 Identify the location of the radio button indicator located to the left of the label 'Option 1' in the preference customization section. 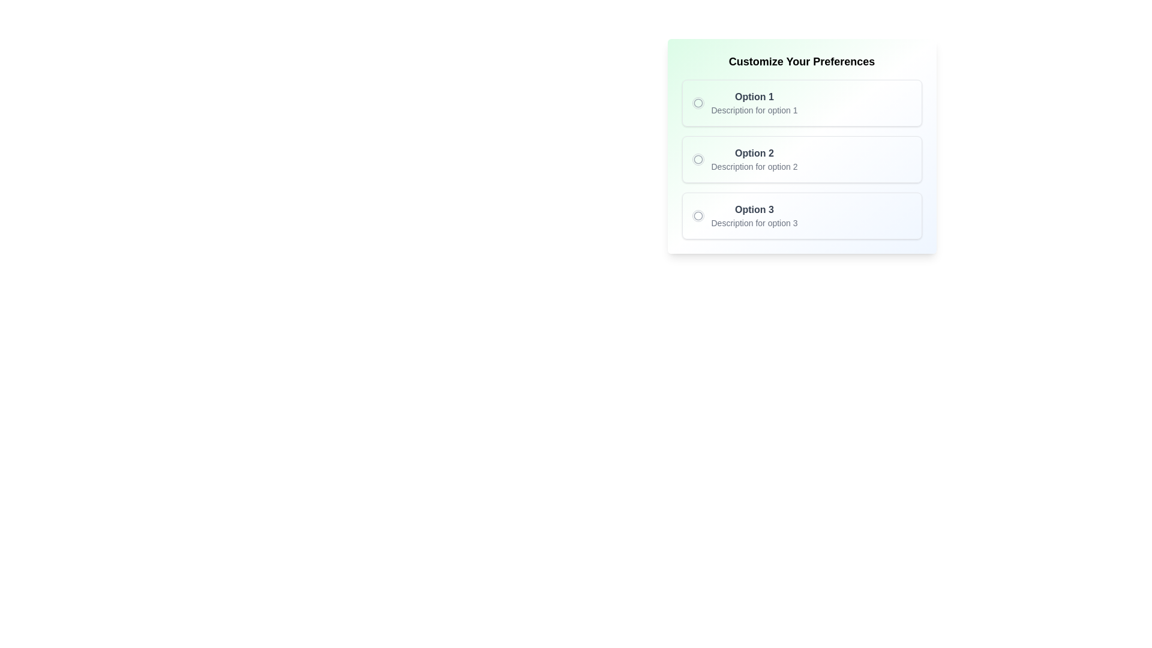
(698, 103).